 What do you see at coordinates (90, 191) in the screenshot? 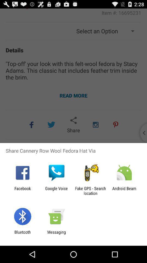
I see `item to the right of the google voice` at bounding box center [90, 191].